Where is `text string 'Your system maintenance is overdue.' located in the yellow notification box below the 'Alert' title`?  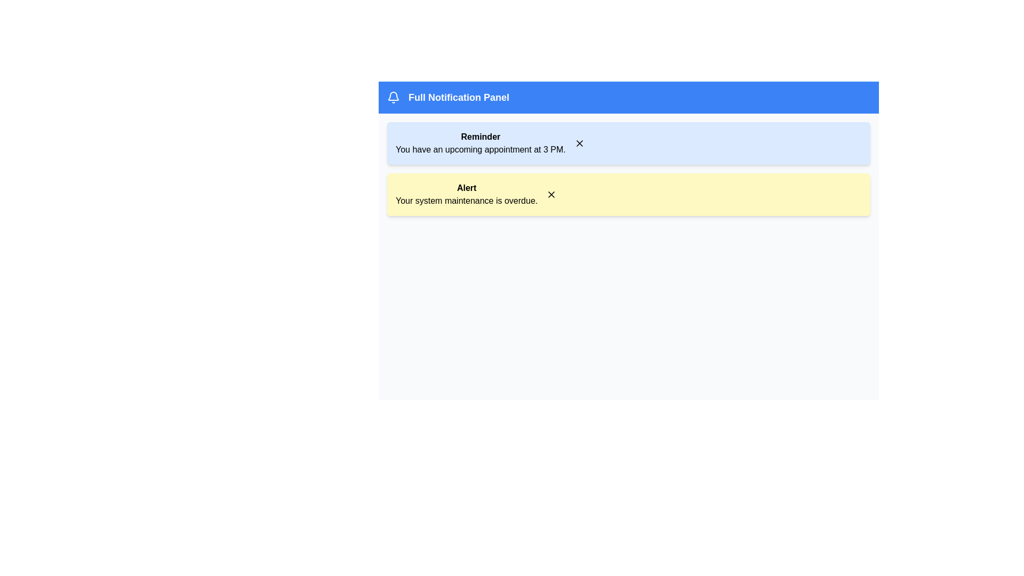
text string 'Your system maintenance is overdue.' located in the yellow notification box below the 'Alert' title is located at coordinates (467, 201).